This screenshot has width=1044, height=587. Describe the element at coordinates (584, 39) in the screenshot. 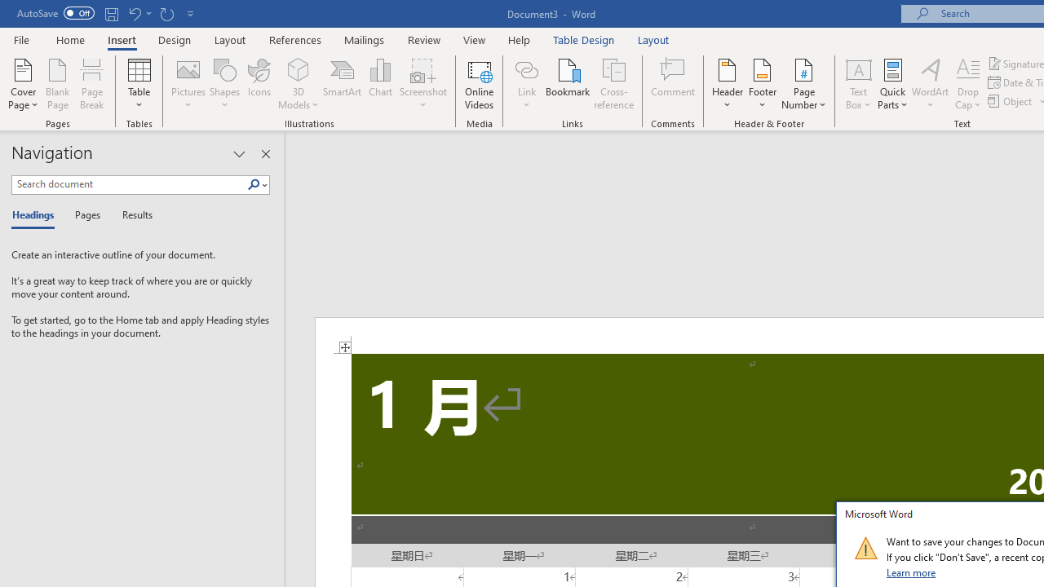

I see `'Table Design'` at that location.